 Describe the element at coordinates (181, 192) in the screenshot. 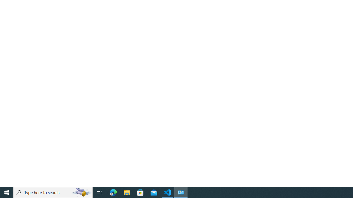

I see `'Control Panel - 1 running window'` at that location.